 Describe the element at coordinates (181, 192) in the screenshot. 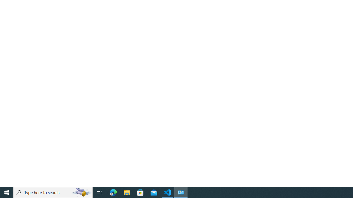

I see `'Control Panel - 1 running window'` at that location.